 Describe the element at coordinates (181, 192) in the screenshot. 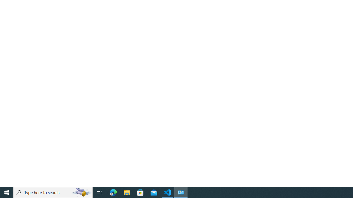

I see `'Control Panel - 1 running window'` at that location.